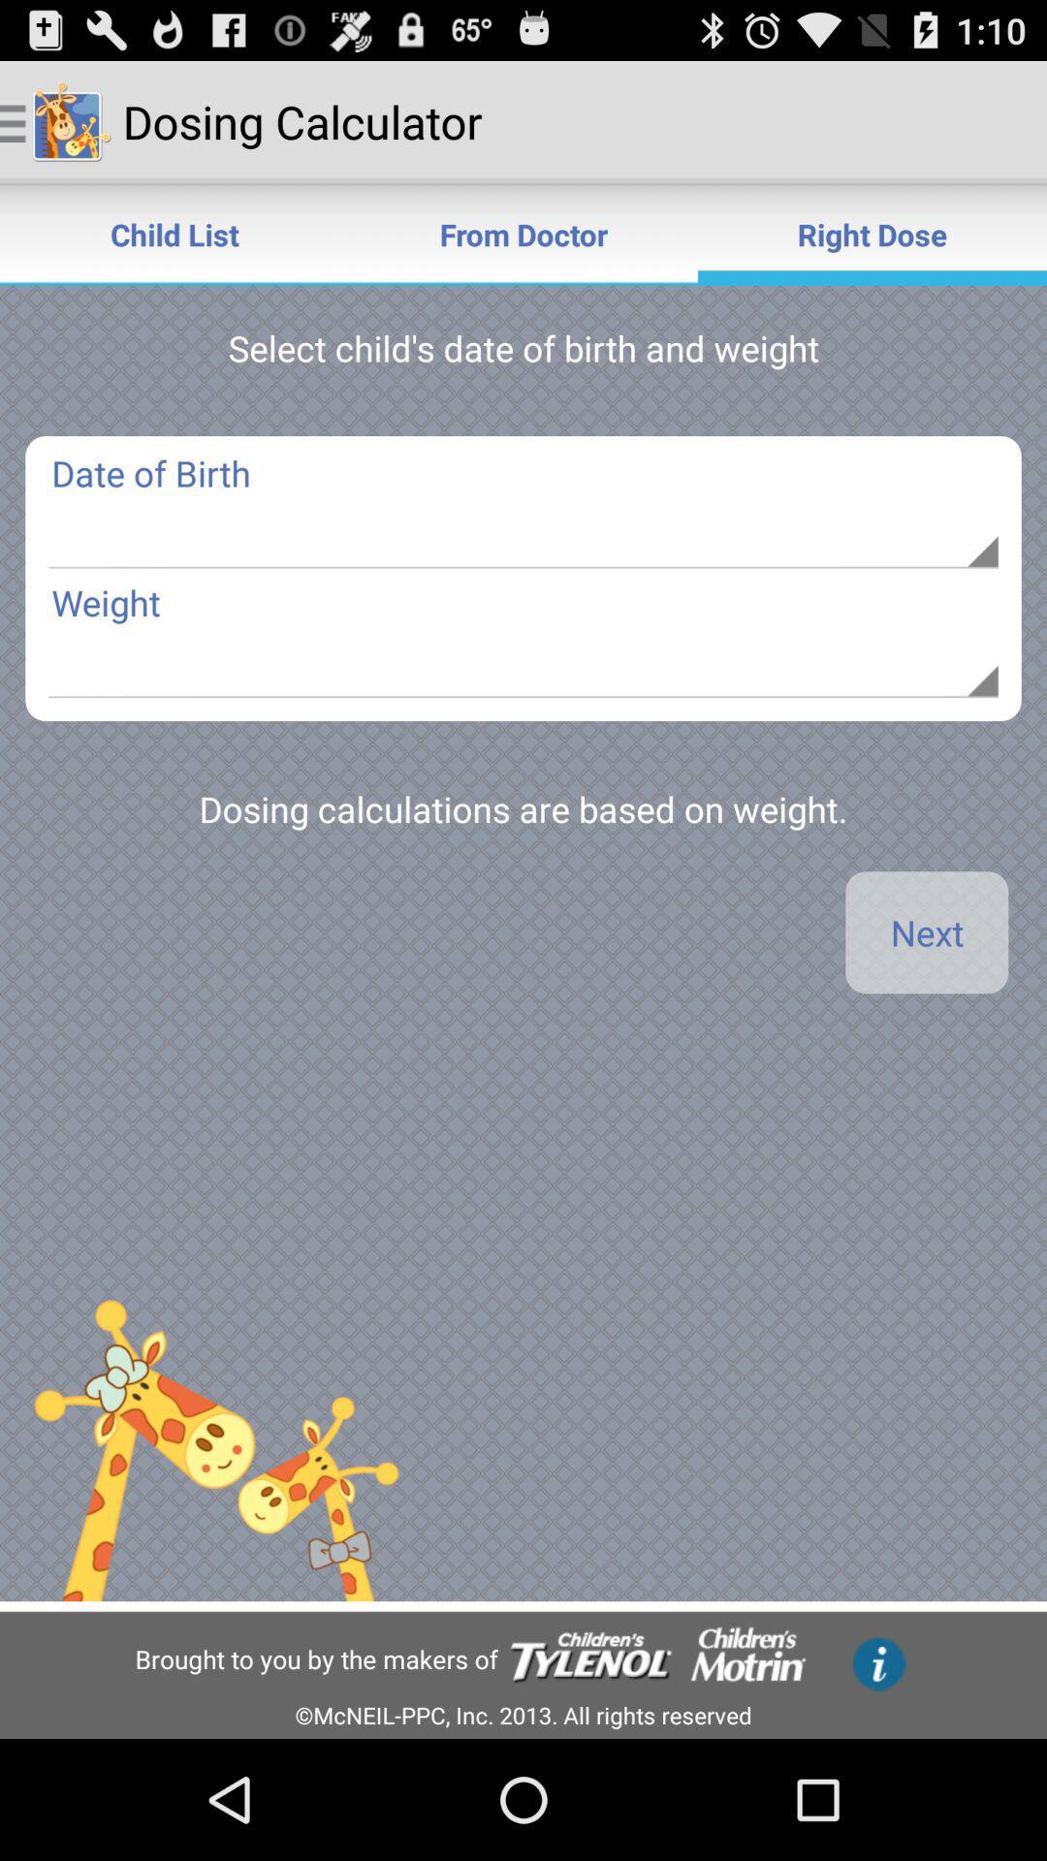 The height and width of the screenshot is (1861, 1047). Describe the element at coordinates (174, 233) in the screenshot. I see `the app above the select child s item` at that location.